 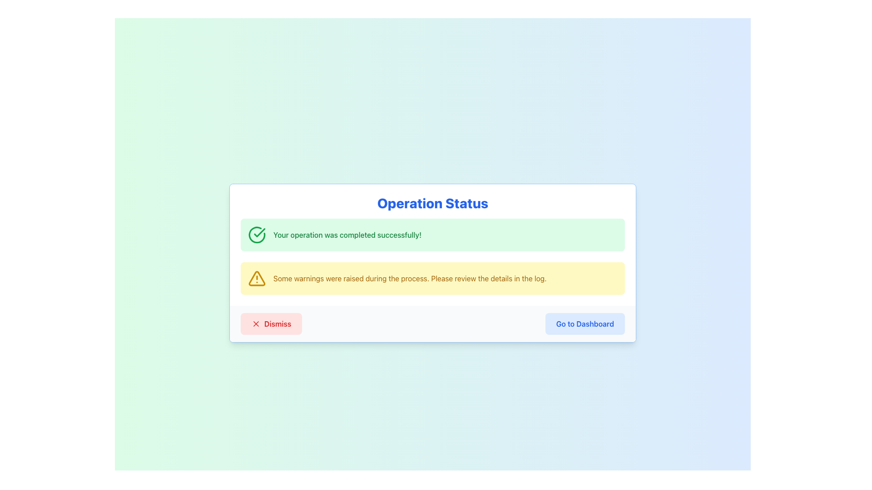 I want to click on the light green Alert box that displays the message 'Your operation was completed successfully!', so click(x=432, y=234).